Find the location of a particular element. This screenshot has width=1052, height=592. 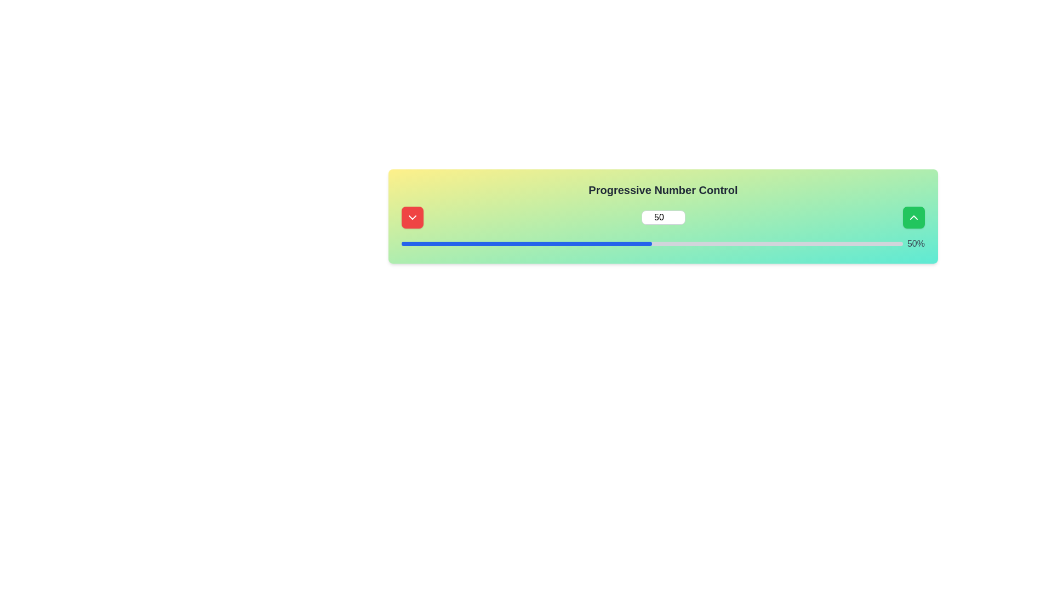

the slider value is located at coordinates (504, 243).